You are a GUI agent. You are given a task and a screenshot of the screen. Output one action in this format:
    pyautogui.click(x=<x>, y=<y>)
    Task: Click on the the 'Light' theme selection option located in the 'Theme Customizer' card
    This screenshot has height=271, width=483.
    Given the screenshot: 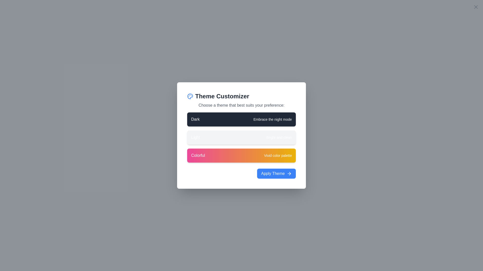 What is the action you would take?
    pyautogui.click(x=242, y=137)
    